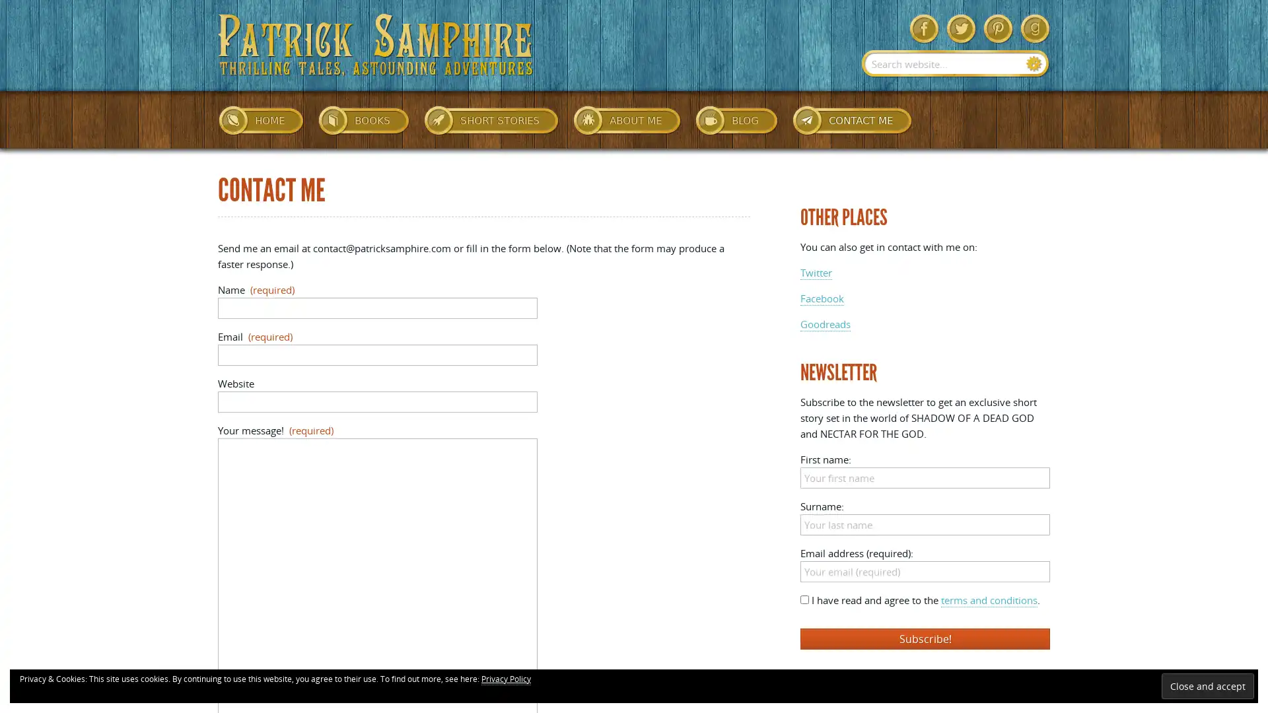 The width and height of the screenshot is (1268, 713). I want to click on Close and accept, so click(1207, 685).